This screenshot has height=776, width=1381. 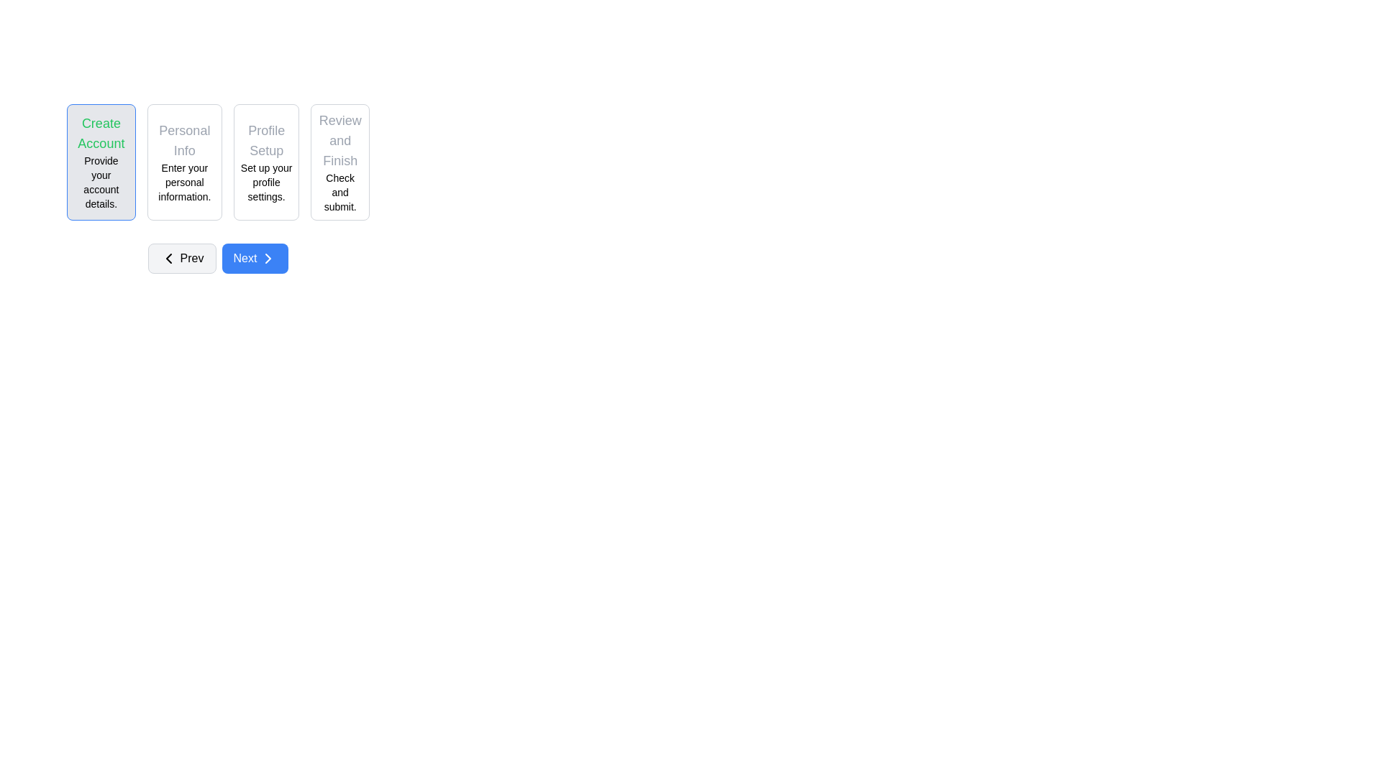 I want to click on the navigation button that allows users to go to the previous step in the multi-step process, located at the bottom center of the interface, left of the 'Next' button, to change its background color, so click(x=181, y=257).